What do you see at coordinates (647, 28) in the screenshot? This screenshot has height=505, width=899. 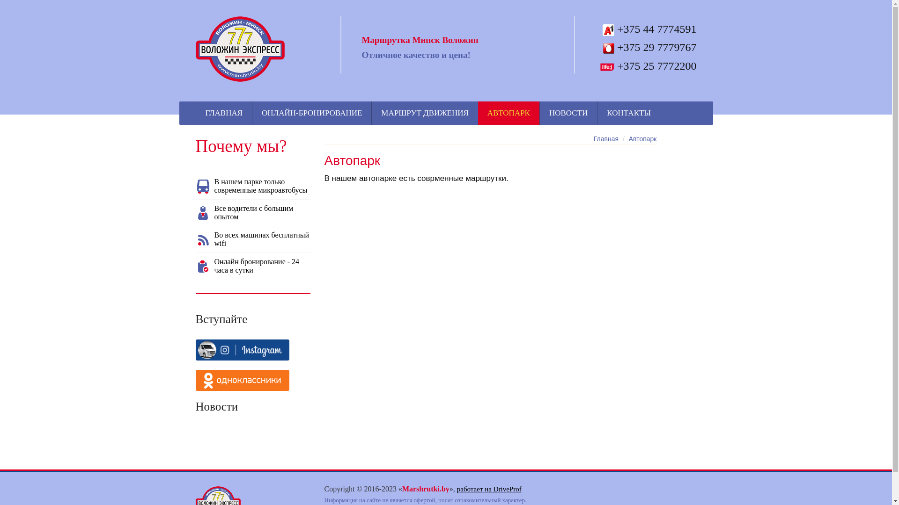 I see `'  +375 44 7774591'` at bounding box center [647, 28].